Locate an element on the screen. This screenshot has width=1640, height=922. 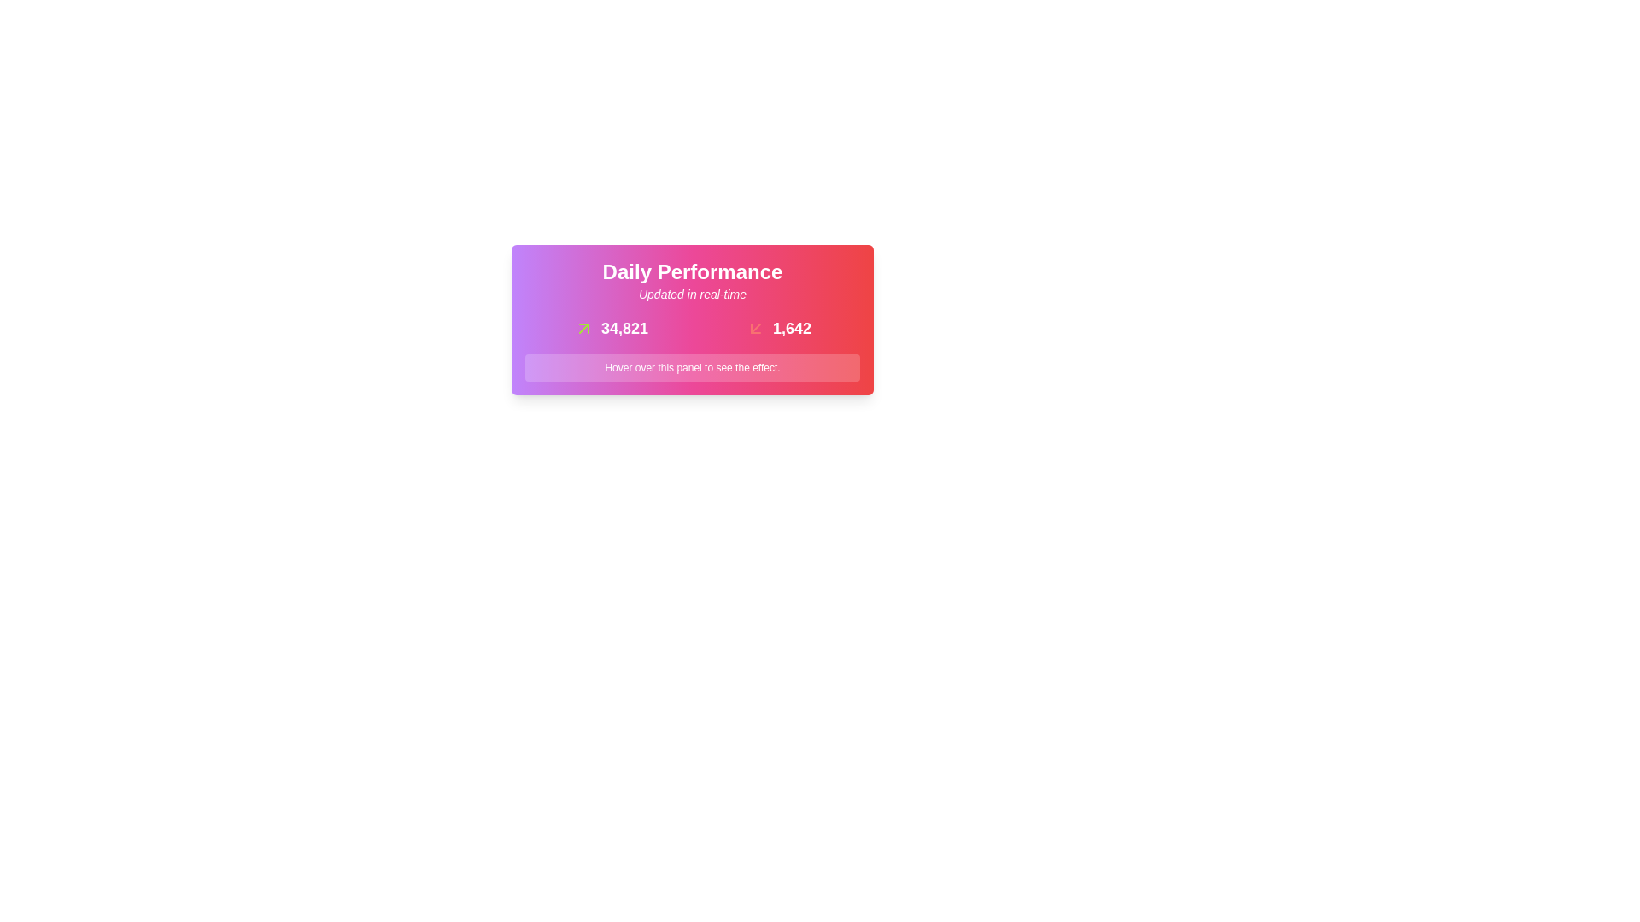
the downward trend icon located to the left of the numerical data '1,642' for its contextual meaning is located at coordinates (754, 329).